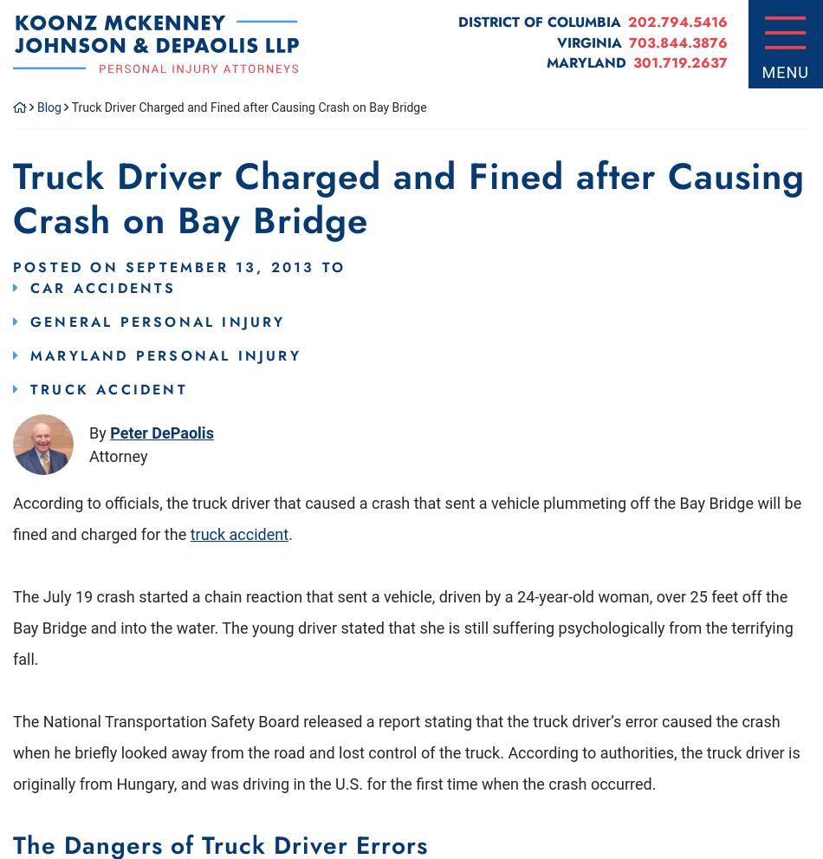  I want to click on 'Transportation Accidents', so click(192, 134).